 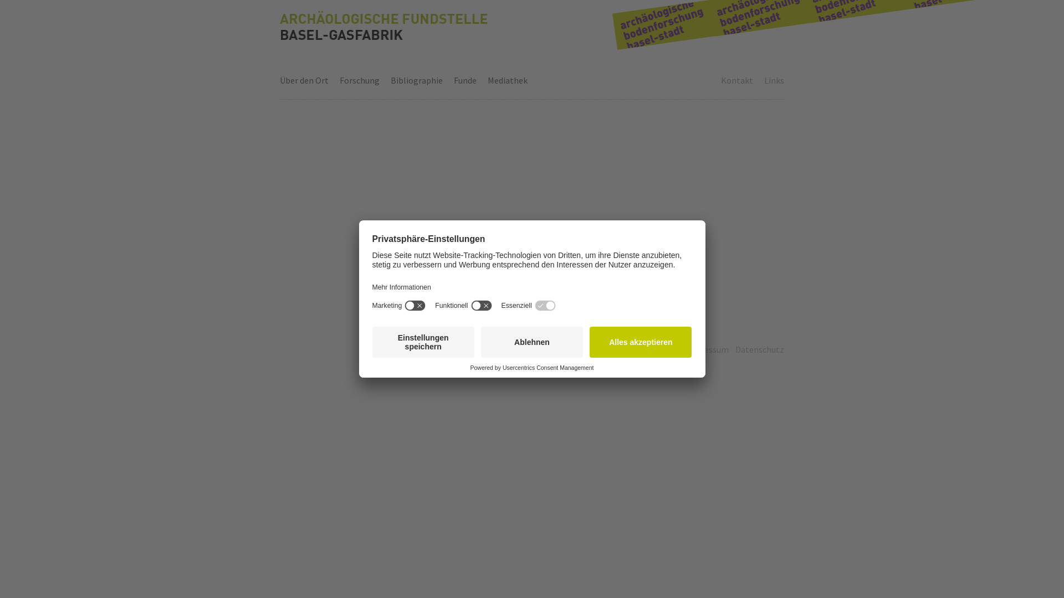 I want to click on 'Funde', so click(x=465, y=80).